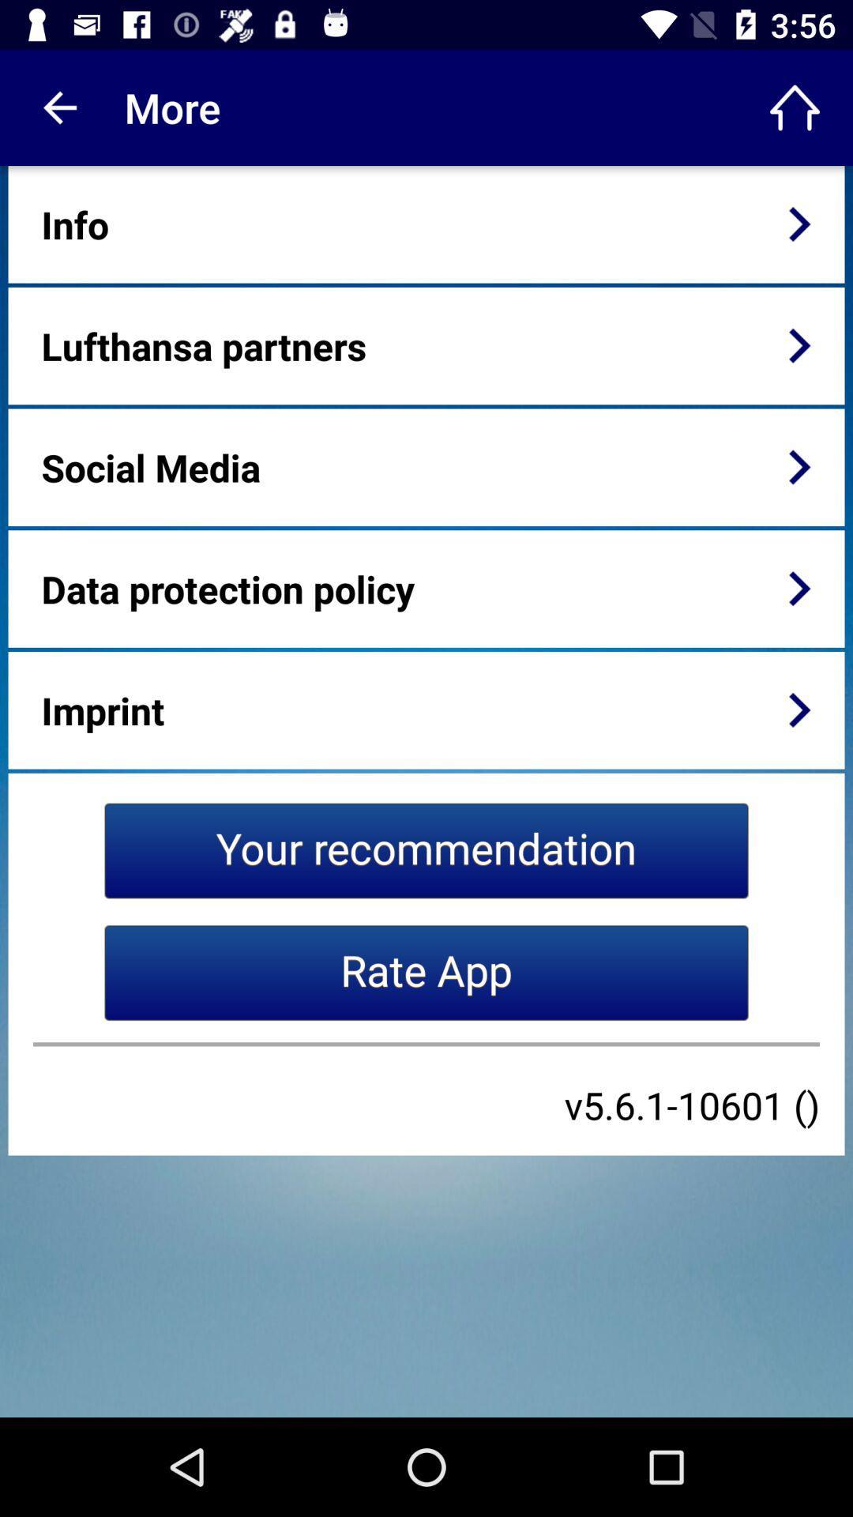  What do you see at coordinates (795, 107) in the screenshot?
I see `icon to the right of the more icon` at bounding box center [795, 107].